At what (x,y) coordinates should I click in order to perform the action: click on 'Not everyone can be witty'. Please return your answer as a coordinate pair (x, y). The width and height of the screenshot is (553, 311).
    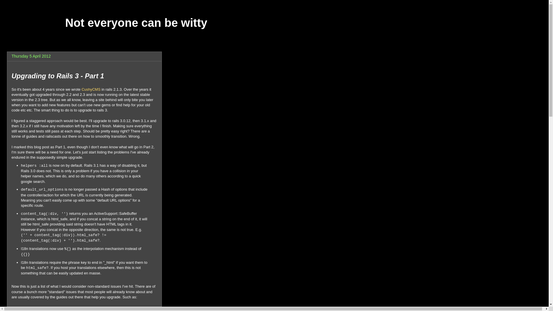
    Looking at the image, I should click on (136, 22).